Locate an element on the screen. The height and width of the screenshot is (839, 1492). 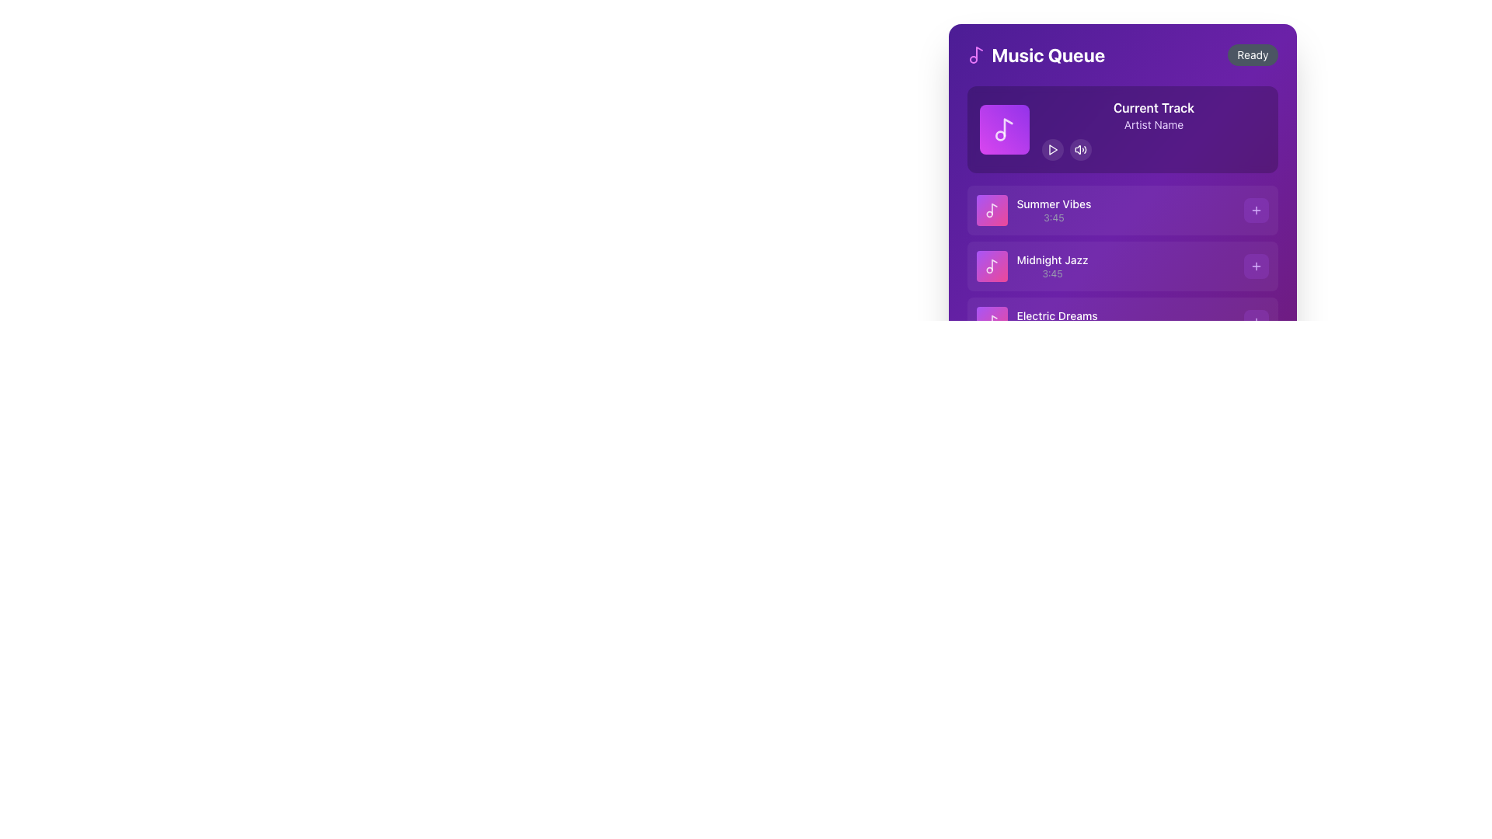
the small, purple-toned button with a '+' symbol at its center, located at the rightmost position of the 'Summer Vibes' row in the Music Queue is located at coordinates (1256, 210).